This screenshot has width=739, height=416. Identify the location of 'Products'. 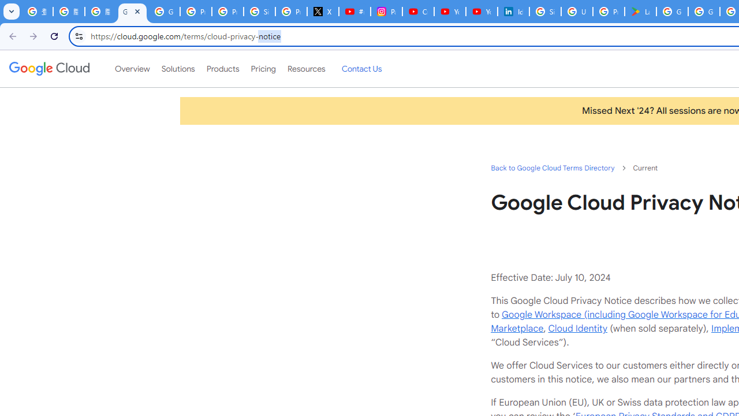
(222, 69).